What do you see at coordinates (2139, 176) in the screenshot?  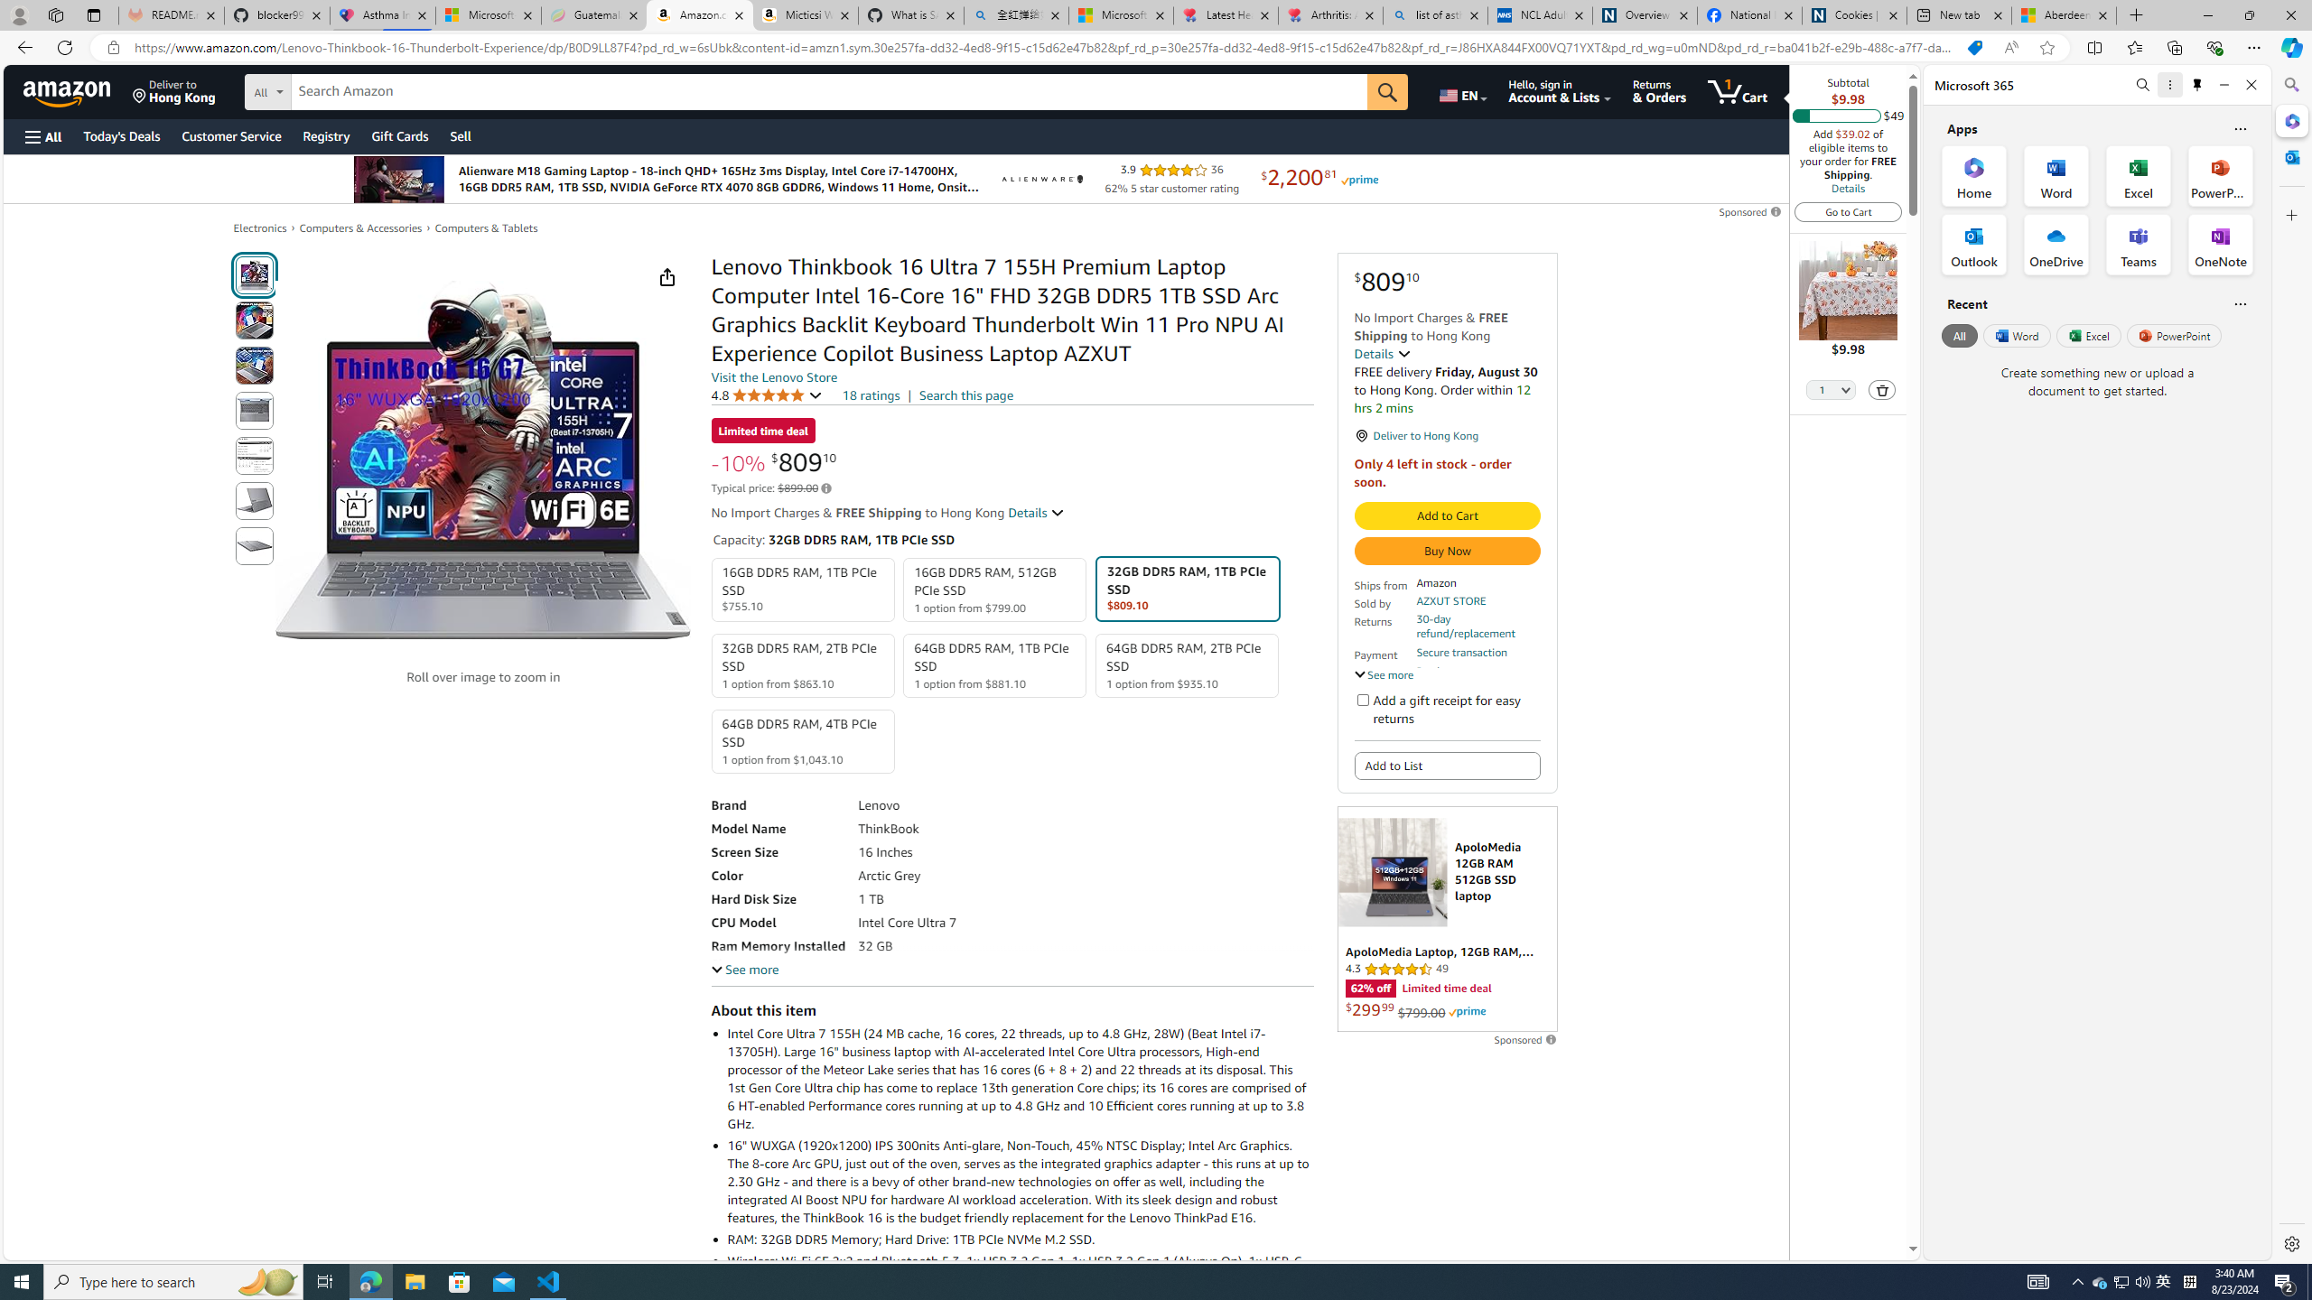 I see `'Excel Office App'` at bounding box center [2139, 176].